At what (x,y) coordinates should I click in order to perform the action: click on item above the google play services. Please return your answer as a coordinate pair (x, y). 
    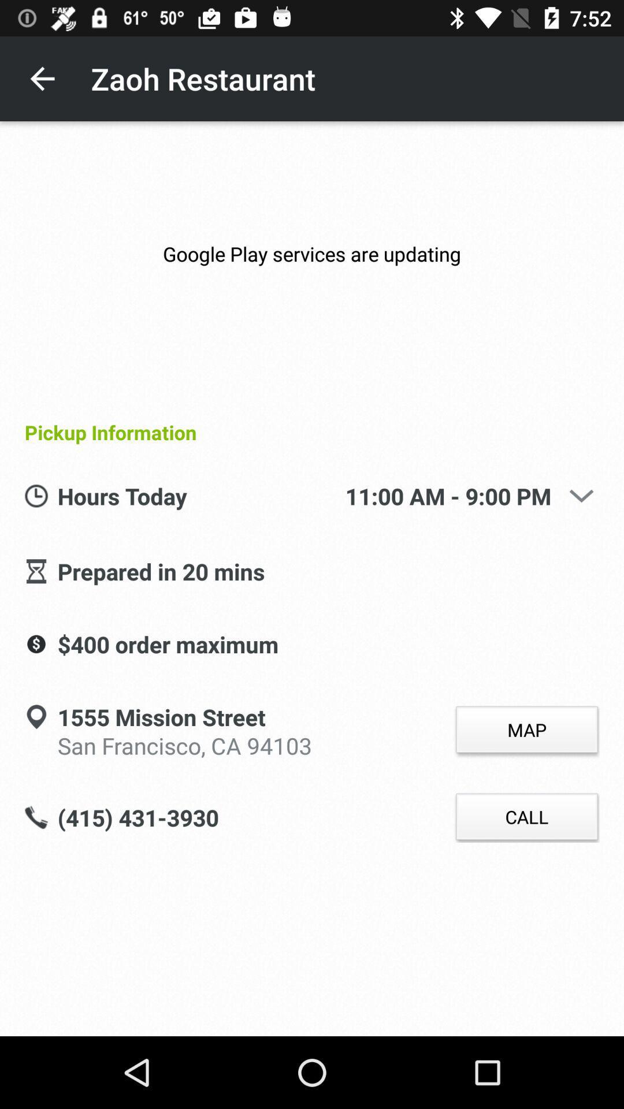
    Looking at the image, I should click on (42, 78).